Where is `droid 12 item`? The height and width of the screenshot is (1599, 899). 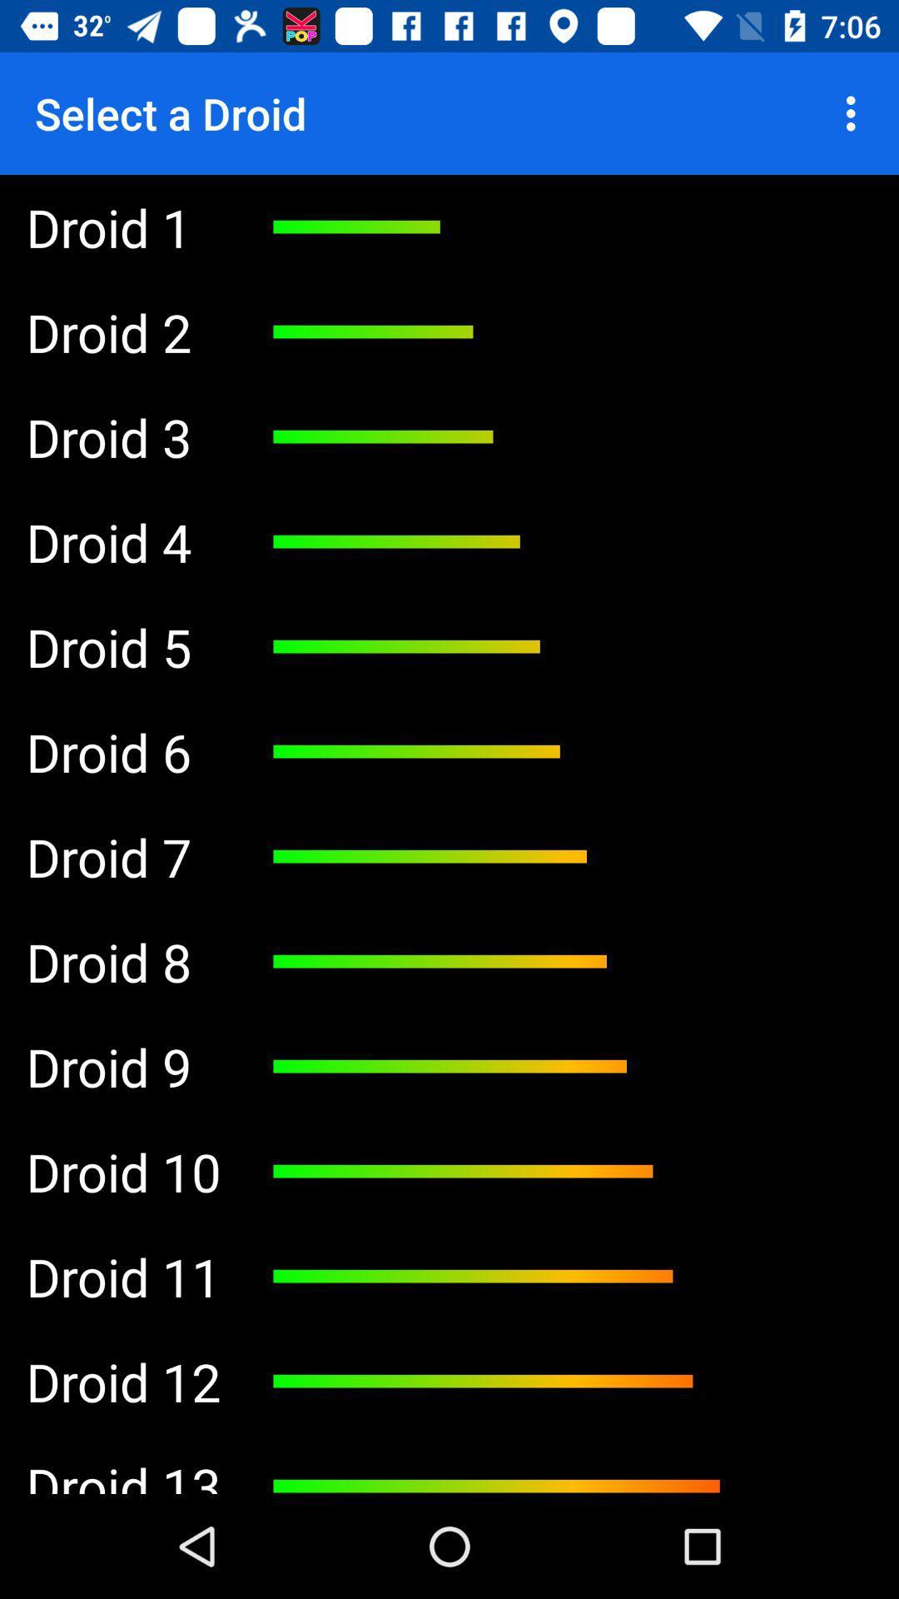 droid 12 item is located at coordinates (122, 1382).